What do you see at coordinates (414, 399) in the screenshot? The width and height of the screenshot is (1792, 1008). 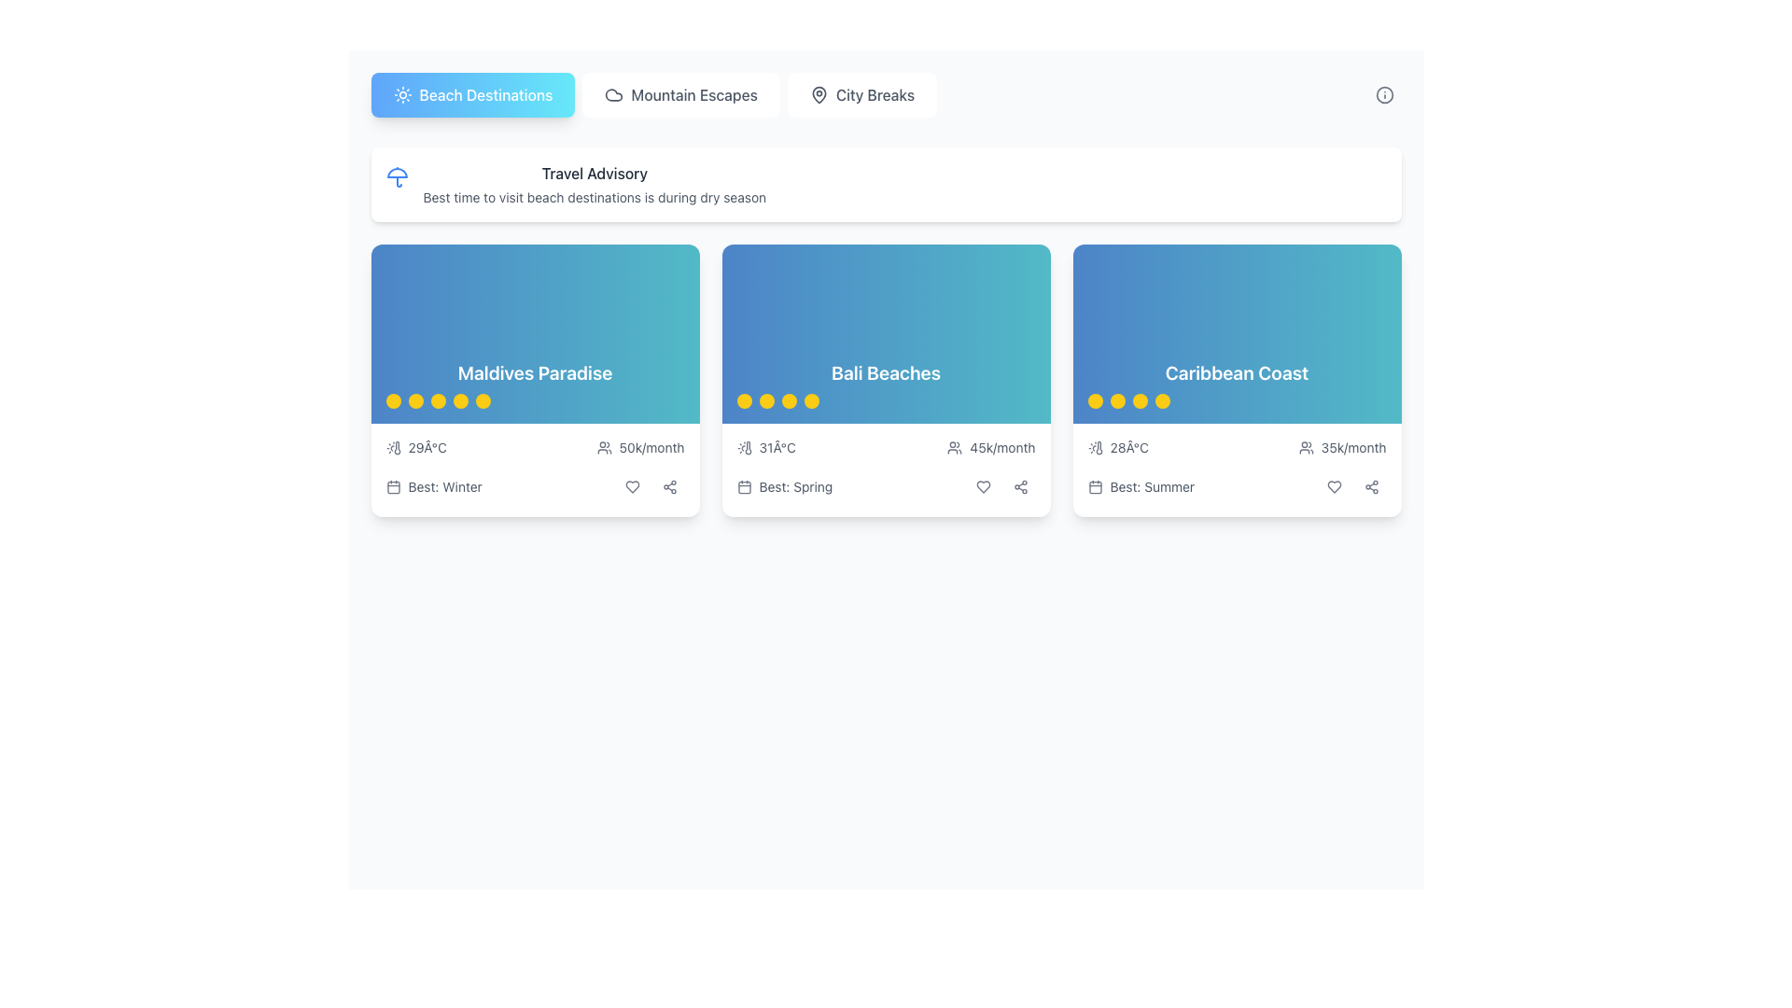 I see `the second small yellow circular rating icon located below the text 'Maldives Paradise' in the 'Beach Destinations' section` at bounding box center [414, 399].